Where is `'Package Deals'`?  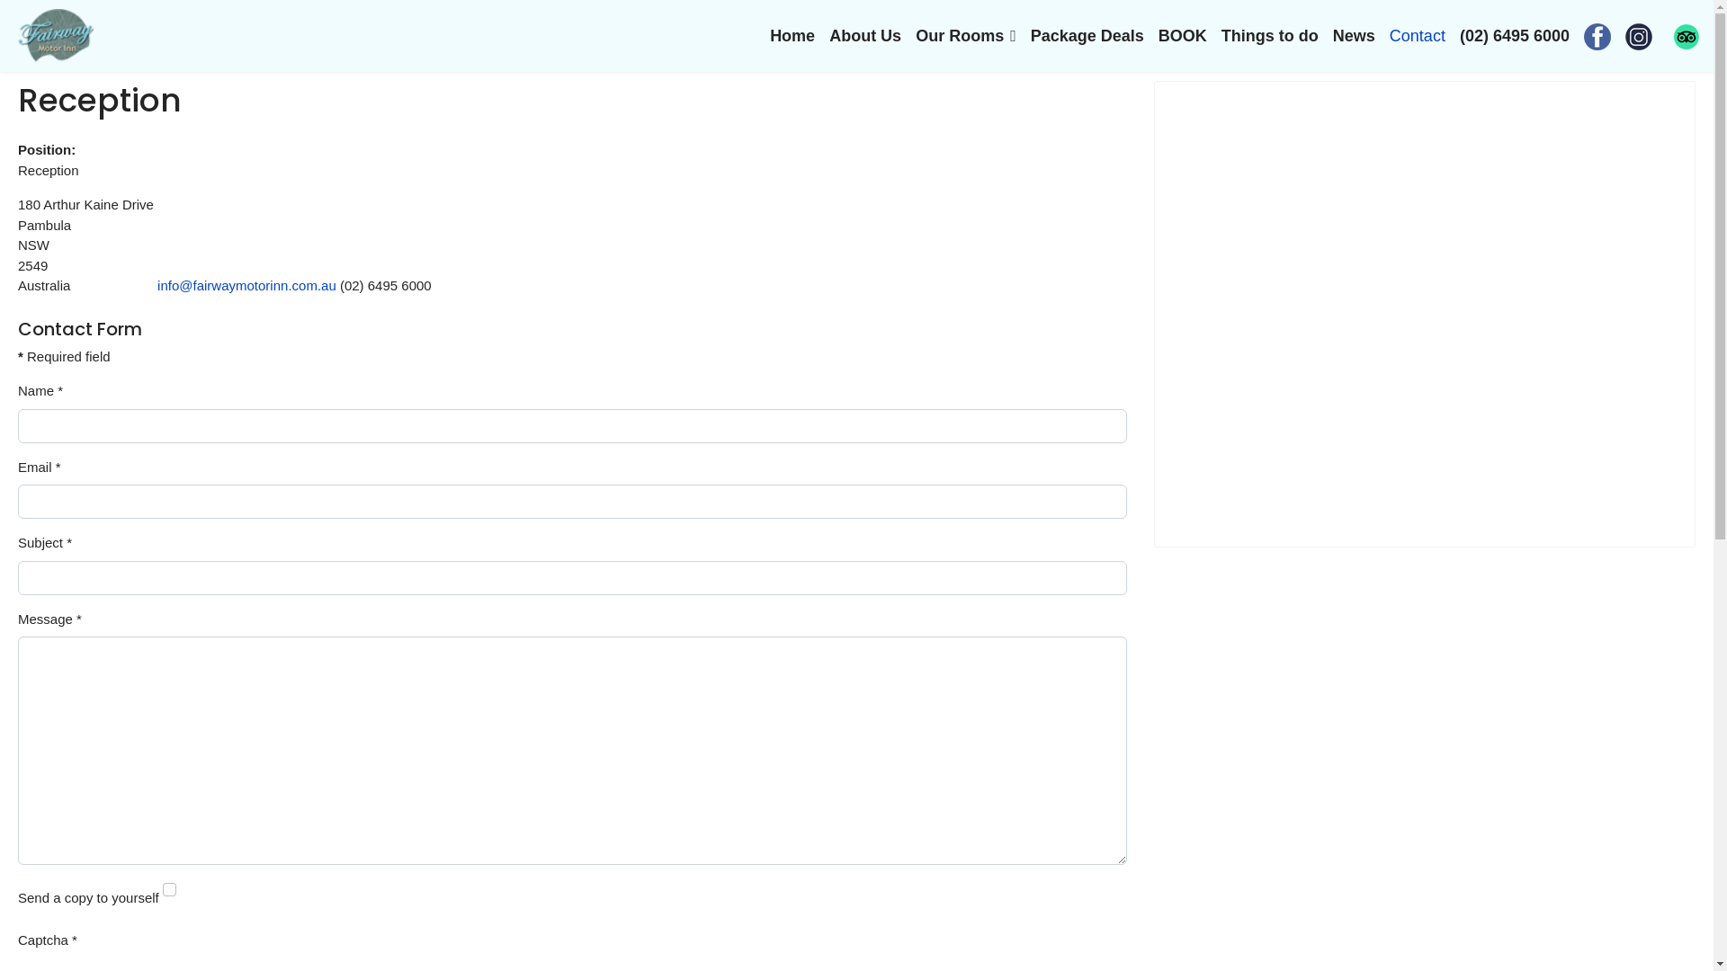
'Package Deals' is located at coordinates (1023, 35).